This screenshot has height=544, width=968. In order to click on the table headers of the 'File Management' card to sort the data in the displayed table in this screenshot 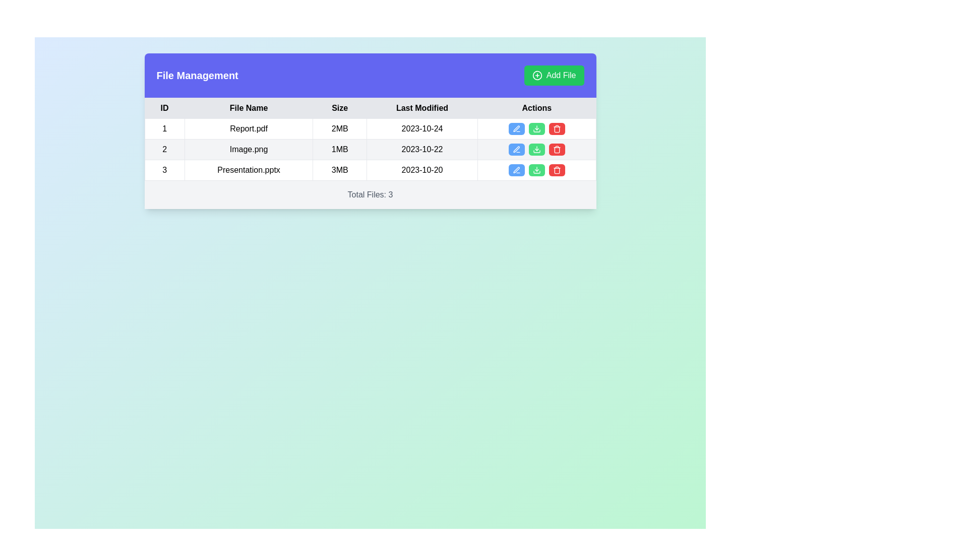, I will do `click(370, 130)`.